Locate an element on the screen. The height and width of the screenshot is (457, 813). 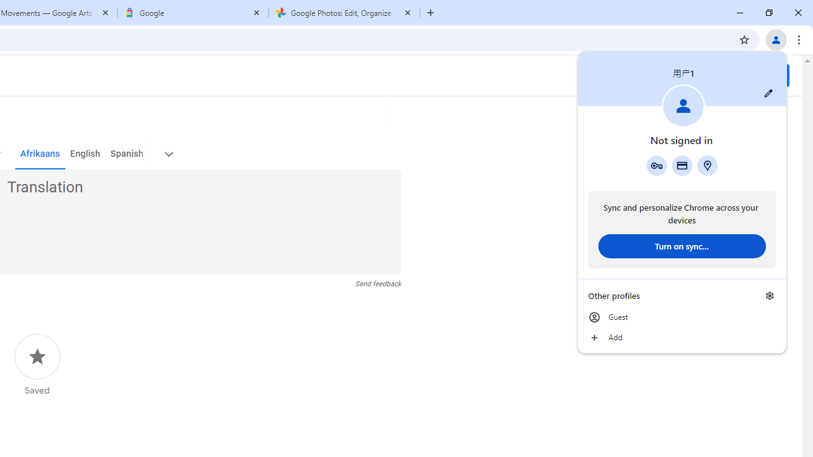
'Payment methods' is located at coordinates (682, 165).